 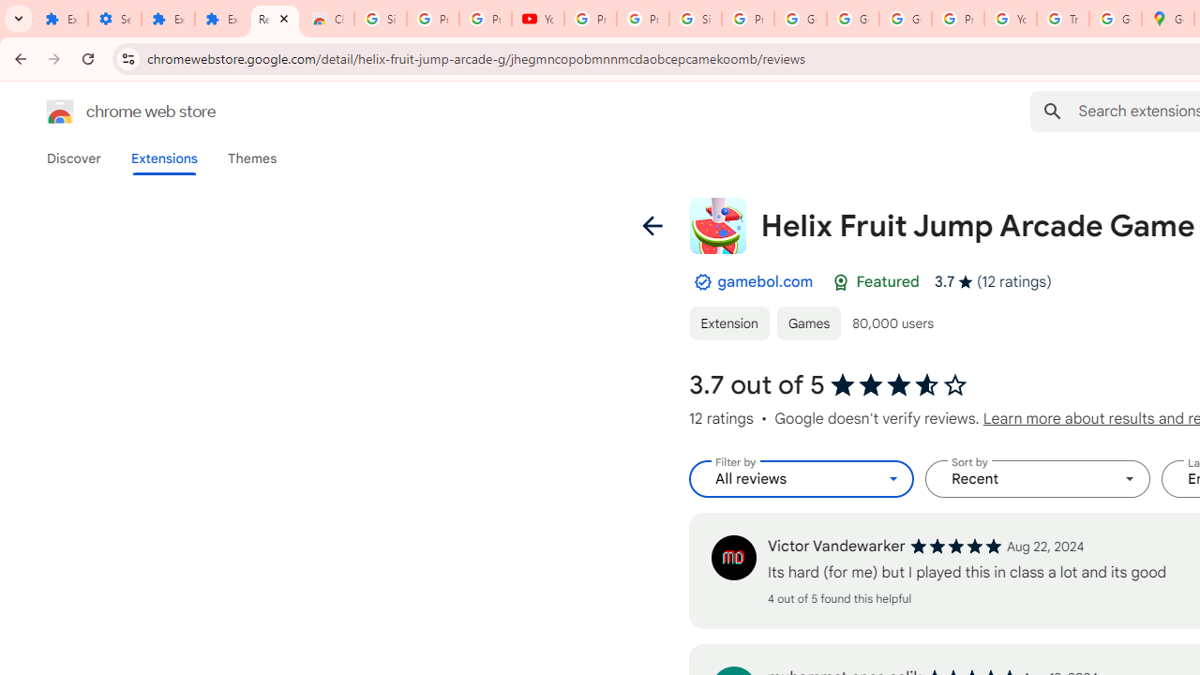 What do you see at coordinates (716, 224) in the screenshot?
I see `'Item logo image for Helix Fruit Jump Arcade Game'` at bounding box center [716, 224].